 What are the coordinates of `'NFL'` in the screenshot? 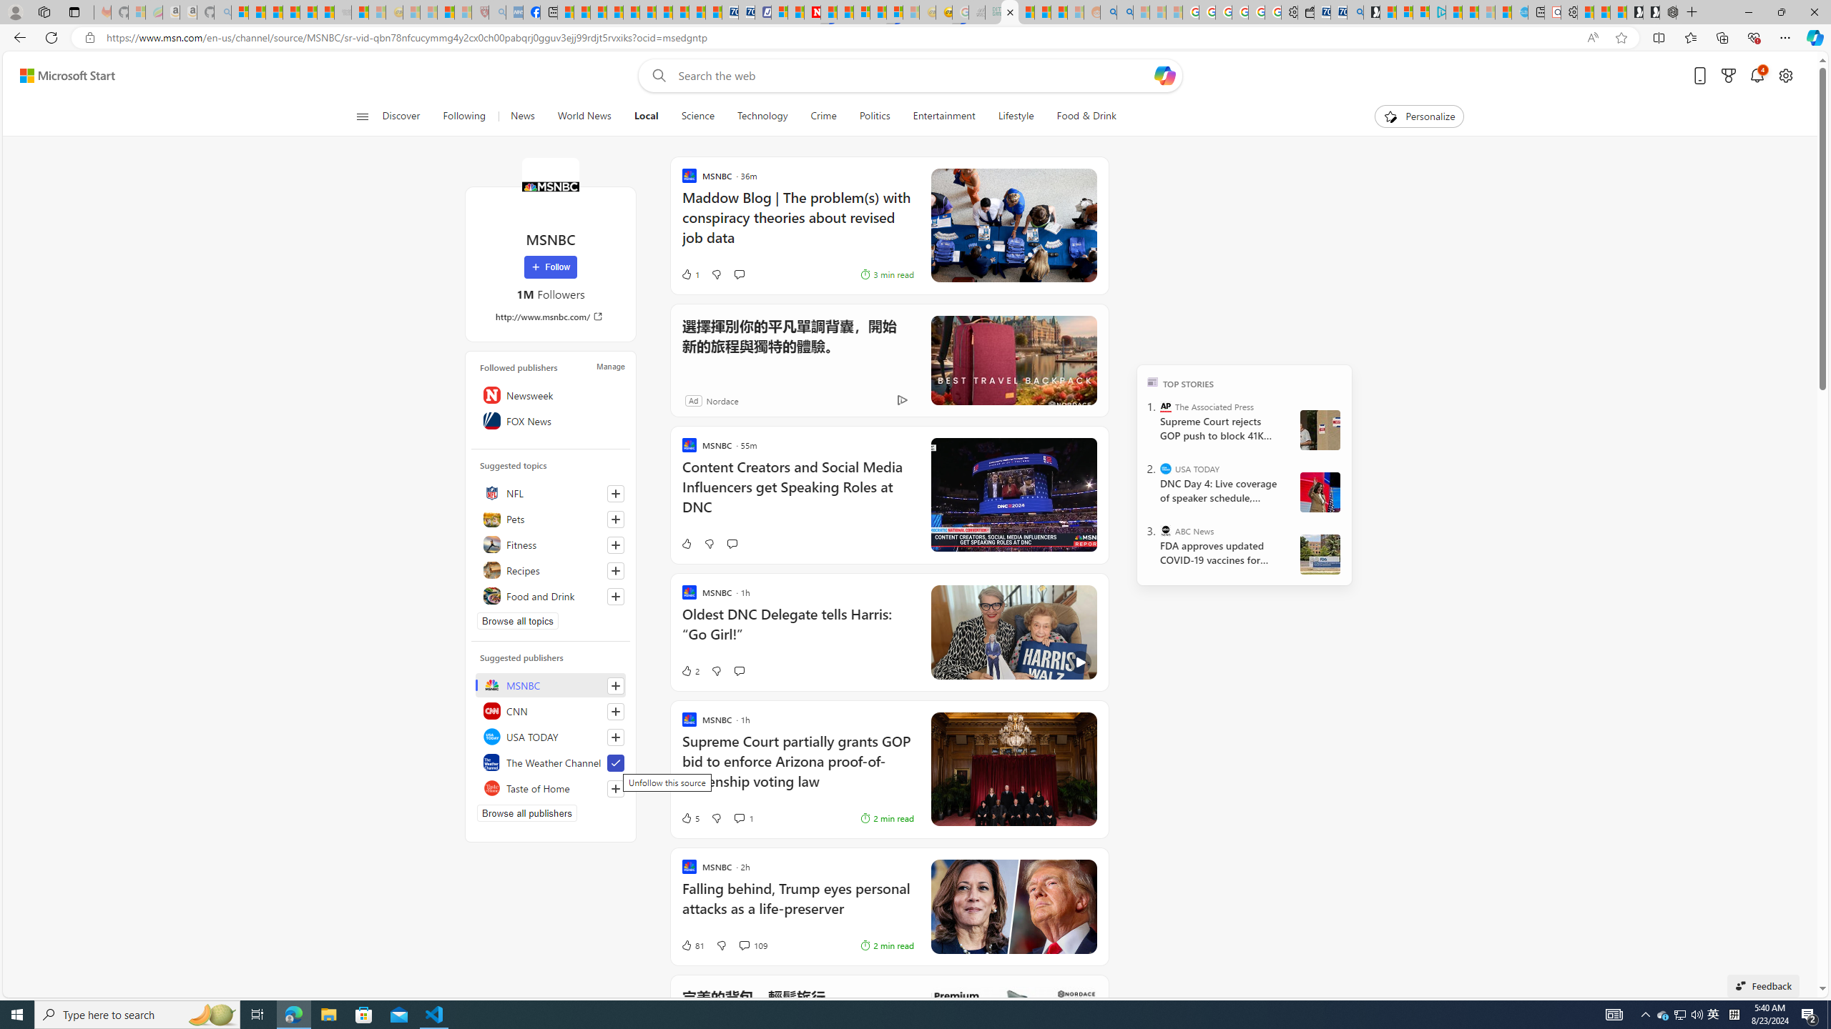 It's located at (551, 492).